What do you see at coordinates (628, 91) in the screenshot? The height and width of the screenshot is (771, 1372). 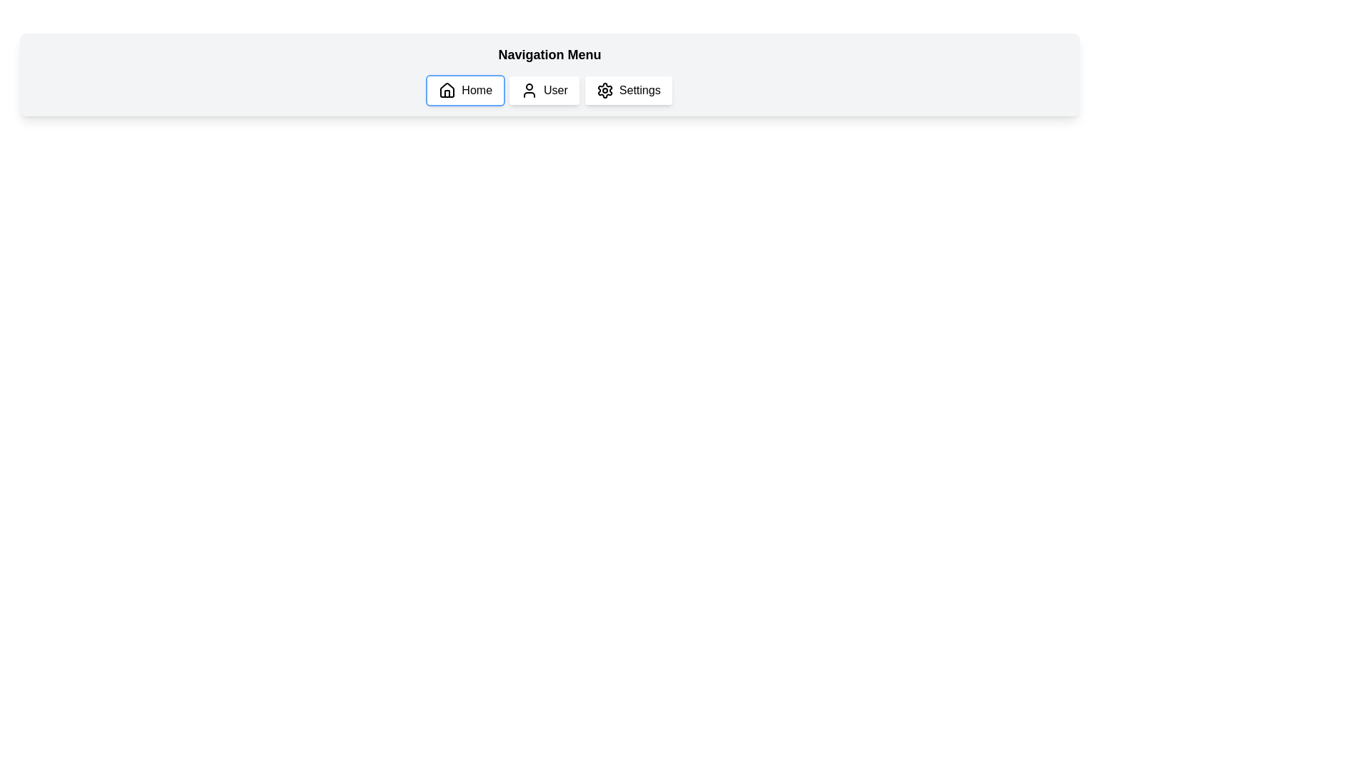 I see `the 'Settings' button, which is the third button in the navigation menu` at bounding box center [628, 91].